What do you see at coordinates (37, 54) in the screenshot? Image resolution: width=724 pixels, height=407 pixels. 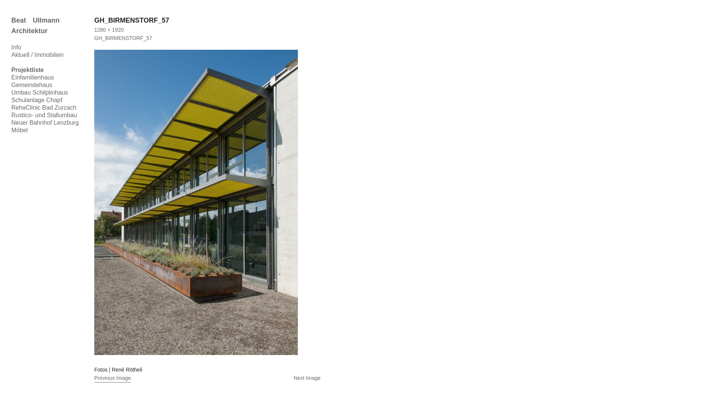 I see `'Aktuell / Immobilien'` at bounding box center [37, 54].